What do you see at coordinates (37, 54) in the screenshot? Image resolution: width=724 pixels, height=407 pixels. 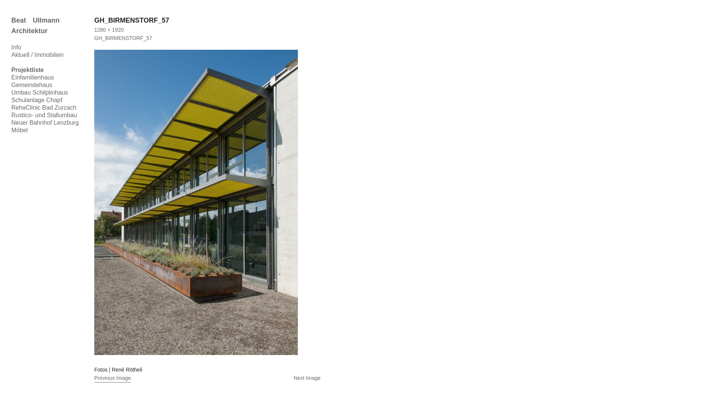 I see `'Aktuell / Immobilien'` at bounding box center [37, 54].